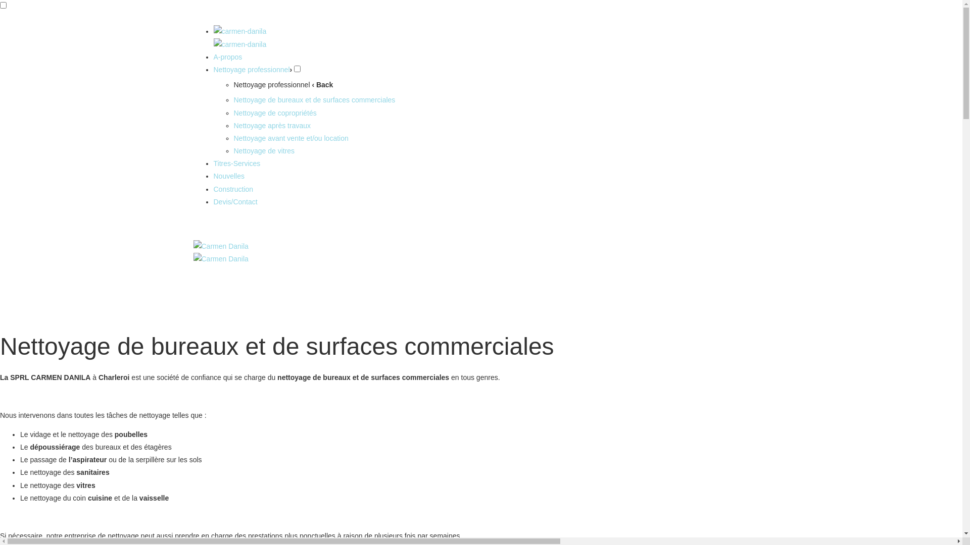  I want to click on 'Nettoyage de vitres', so click(232, 151).